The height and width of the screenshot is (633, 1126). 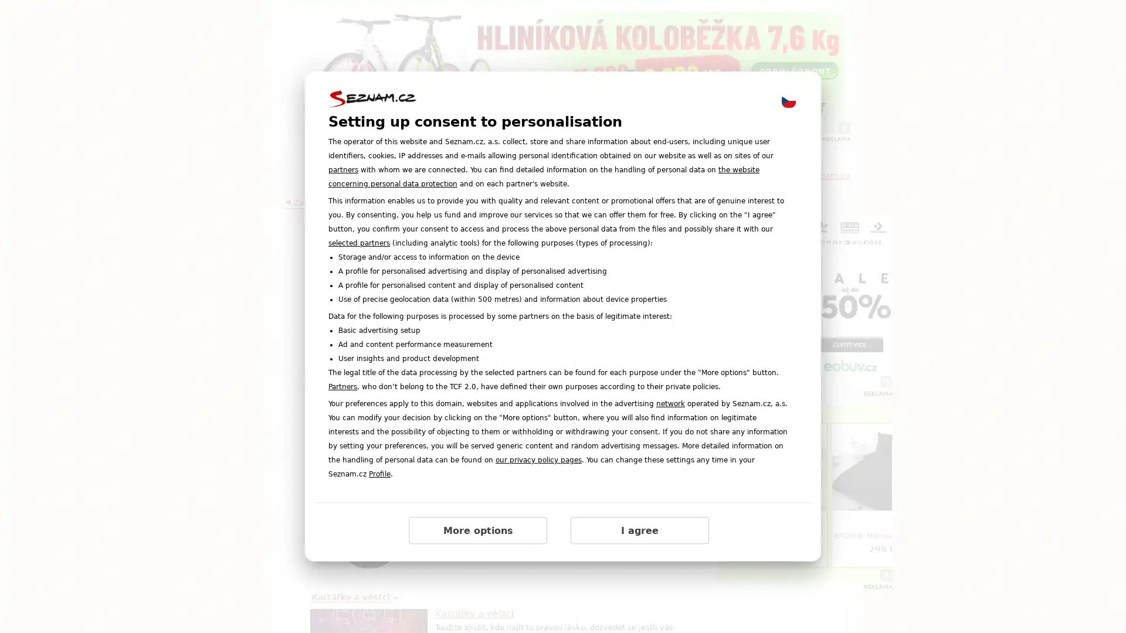 What do you see at coordinates (639, 530) in the screenshot?
I see `I agree` at bounding box center [639, 530].